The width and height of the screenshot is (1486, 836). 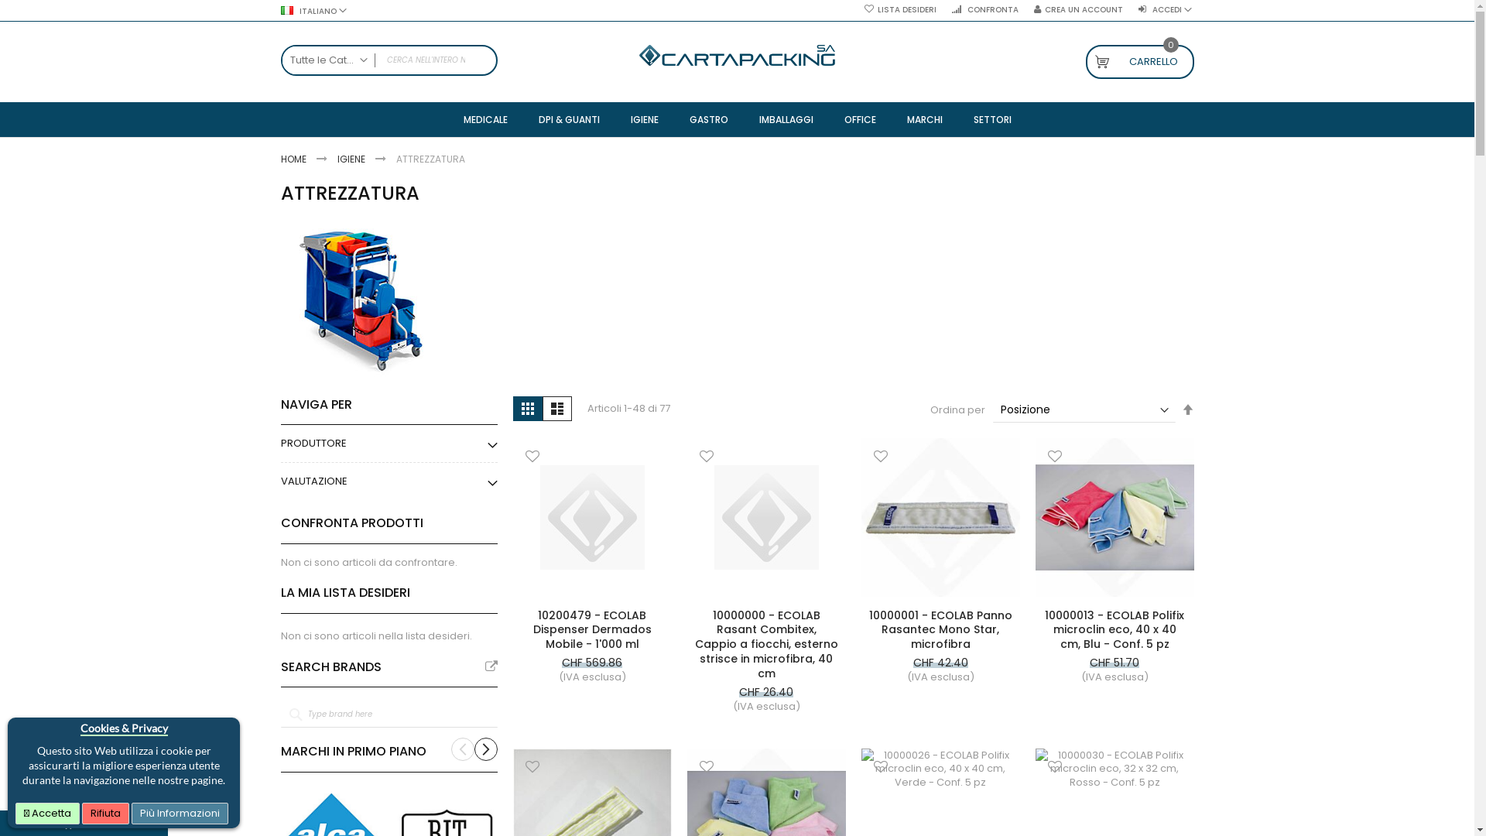 I want to click on 'CARRELLO, so click(x=1084, y=61).